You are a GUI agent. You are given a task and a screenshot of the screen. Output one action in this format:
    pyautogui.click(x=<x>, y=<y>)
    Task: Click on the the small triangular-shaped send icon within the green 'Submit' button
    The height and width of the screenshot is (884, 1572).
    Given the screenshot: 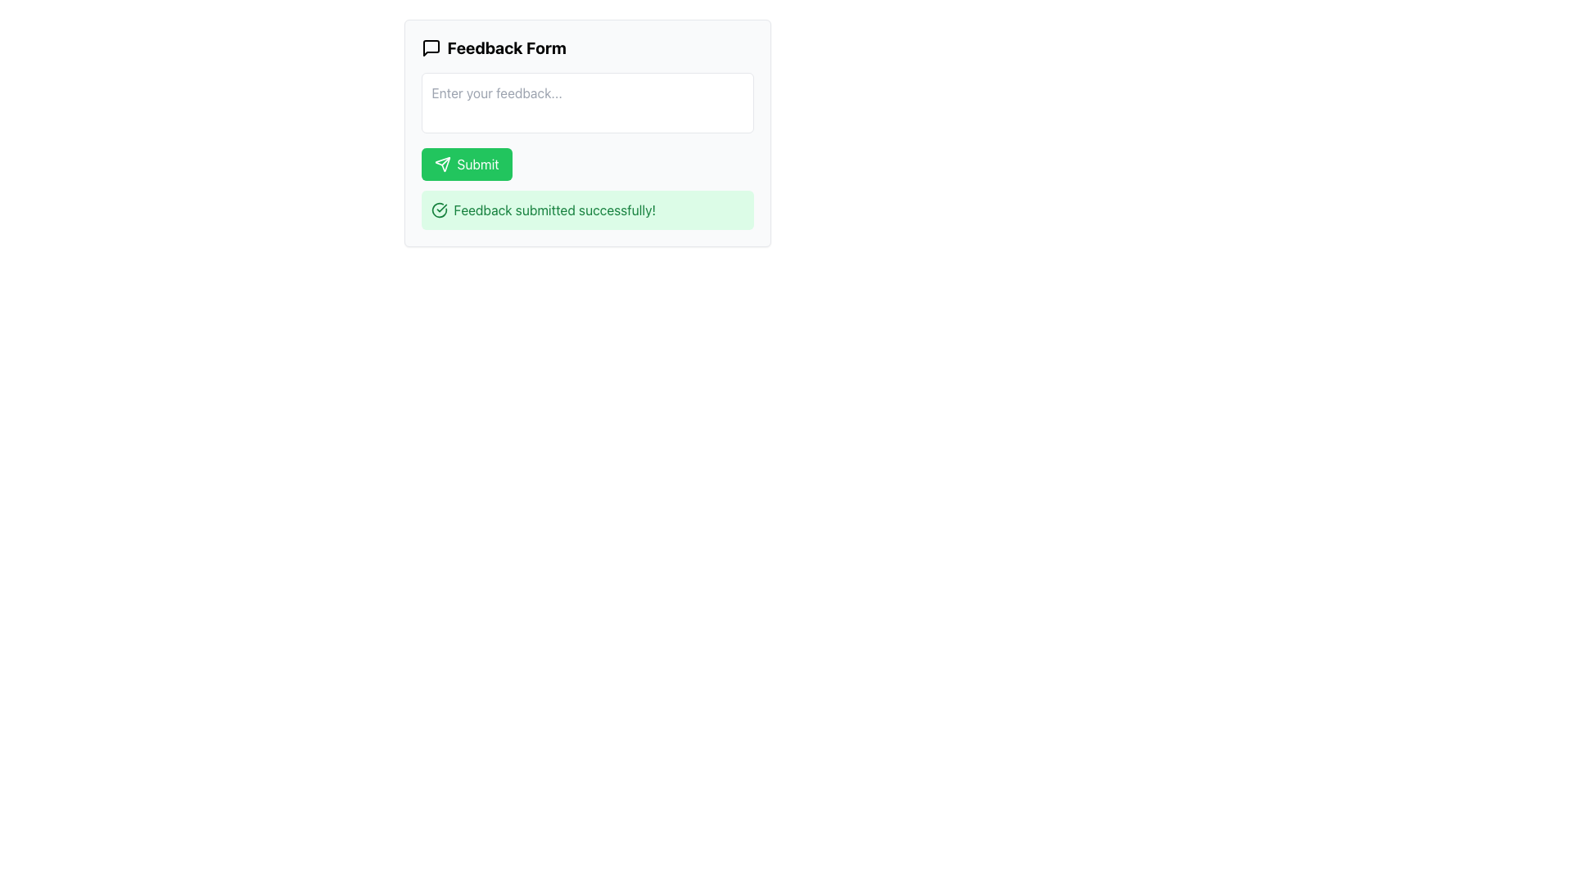 What is the action you would take?
    pyautogui.click(x=442, y=164)
    